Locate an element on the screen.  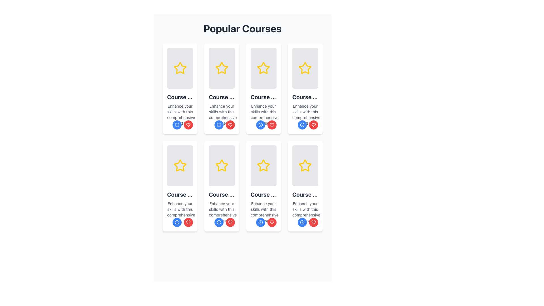
the star icon located in the third column of the first row of course cards, which is positioned below the 'Popular Courses' heading is located at coordinates (263, 68).